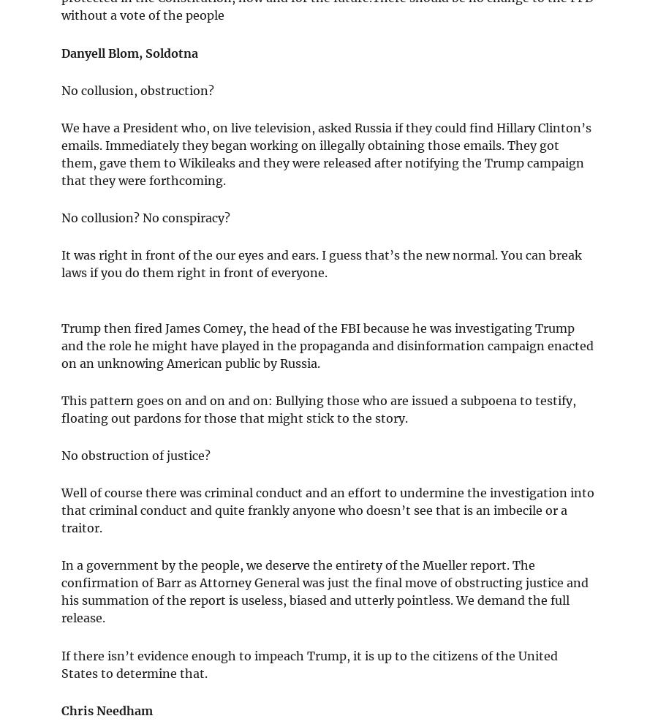 This screenshot has width=658, height=724. What do you see at coordinates (129, 52) in the screenshot?
I see `'Danyell Blom, Soldotna'` at bounding box center [129, 52].